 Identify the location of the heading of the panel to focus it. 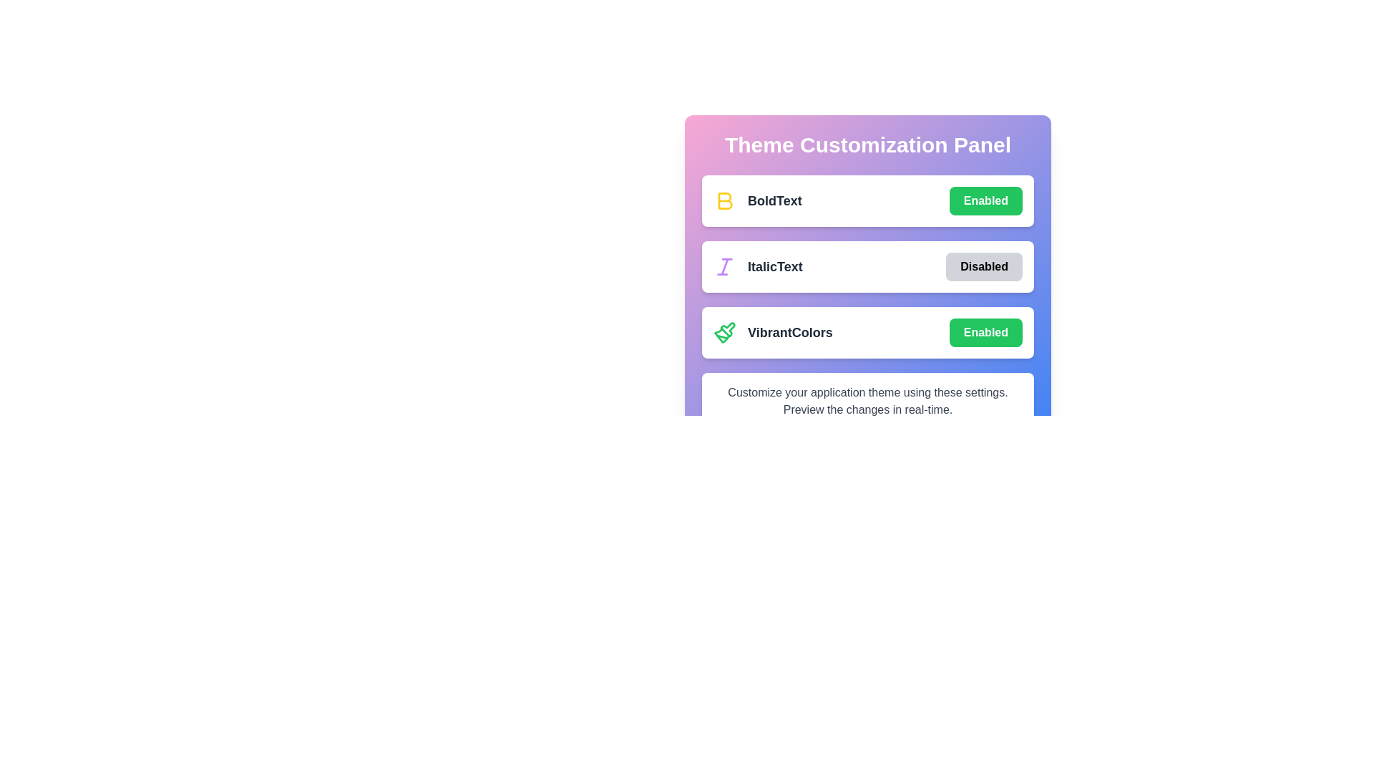
(867, 145).